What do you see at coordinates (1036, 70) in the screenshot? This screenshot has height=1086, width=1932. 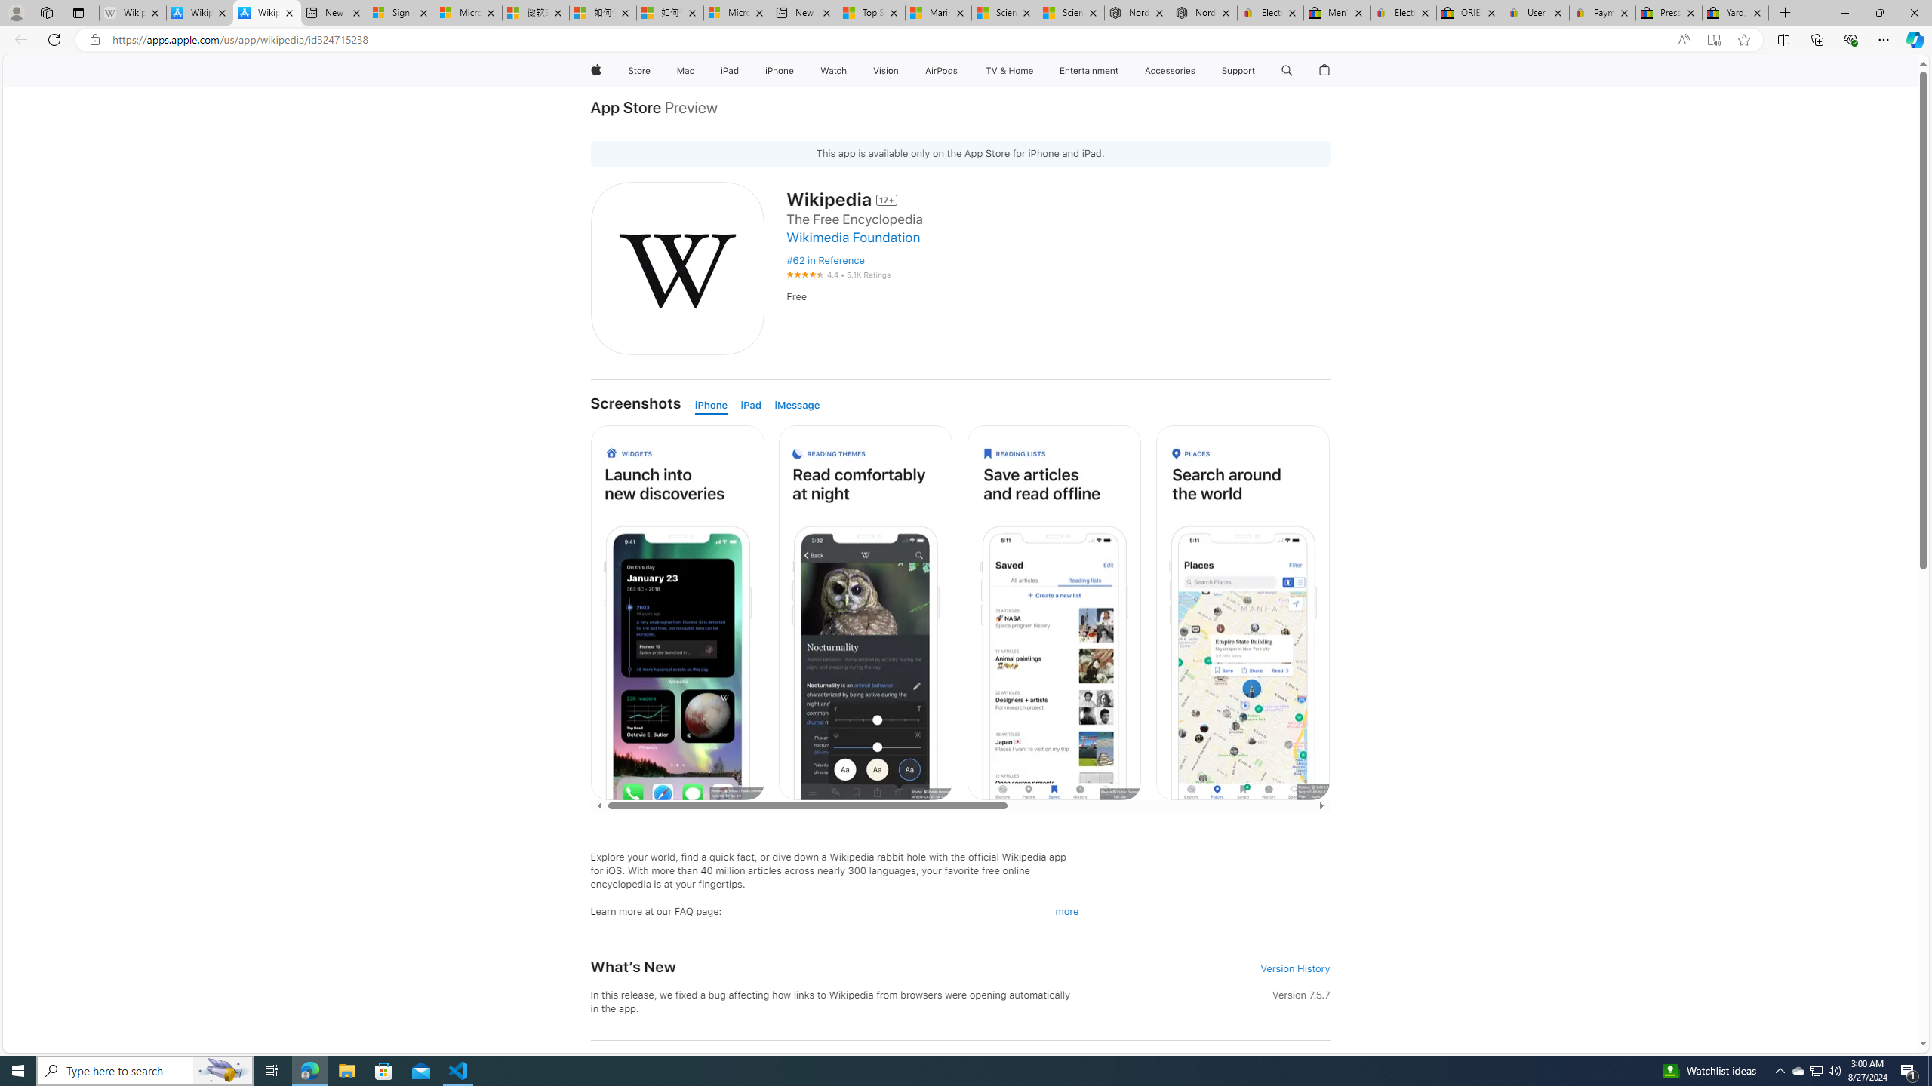 I see `'TV and Home menu'` at bounding box center [1036, 70].